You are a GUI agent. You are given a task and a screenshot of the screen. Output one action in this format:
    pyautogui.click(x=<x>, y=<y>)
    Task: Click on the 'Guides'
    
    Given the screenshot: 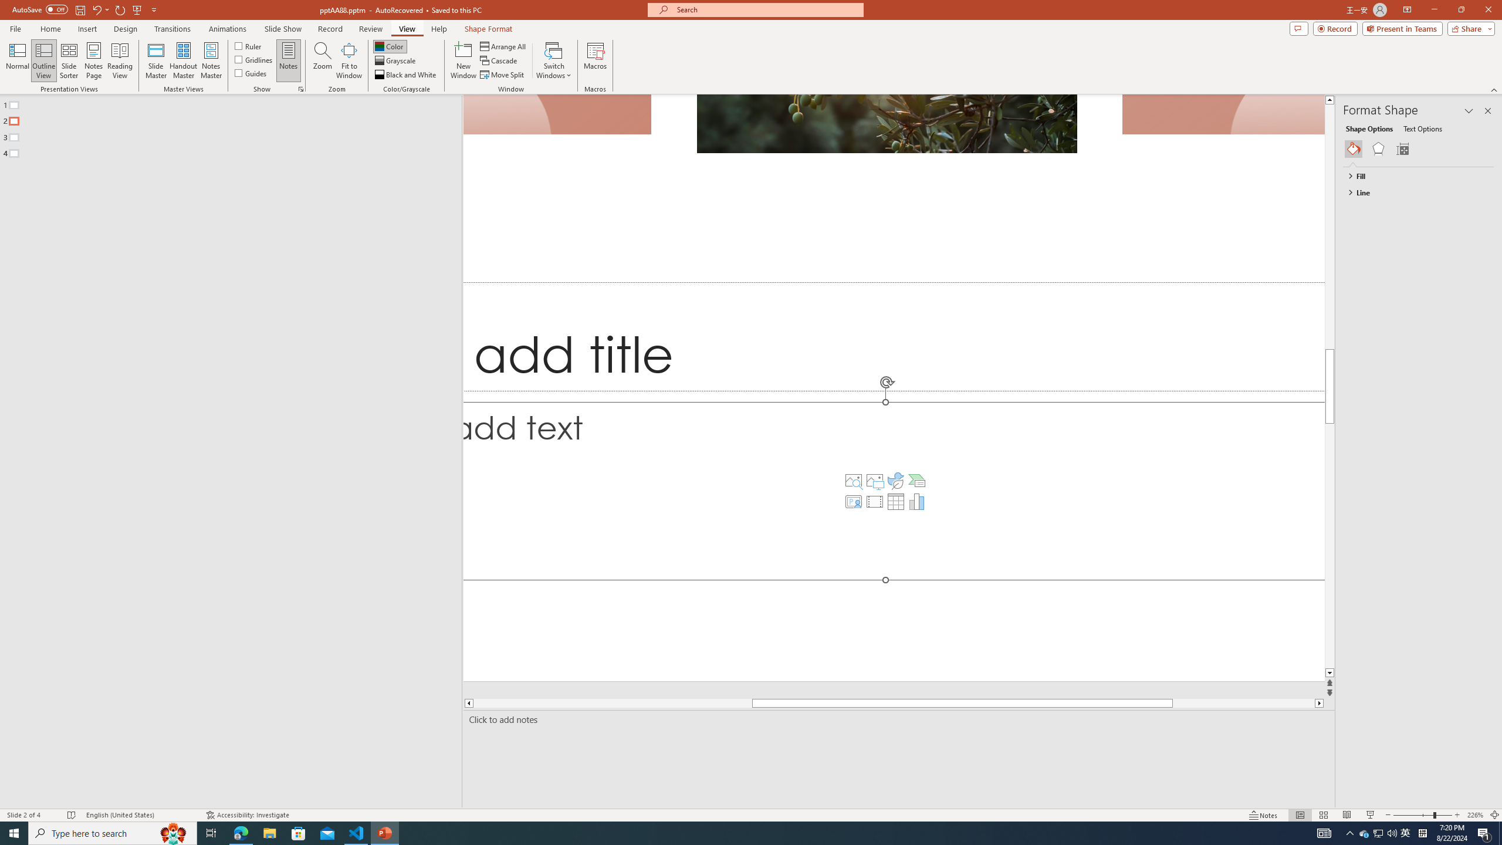 What is the action you would take?
    pyautogui.click(x=251, y=72)
    